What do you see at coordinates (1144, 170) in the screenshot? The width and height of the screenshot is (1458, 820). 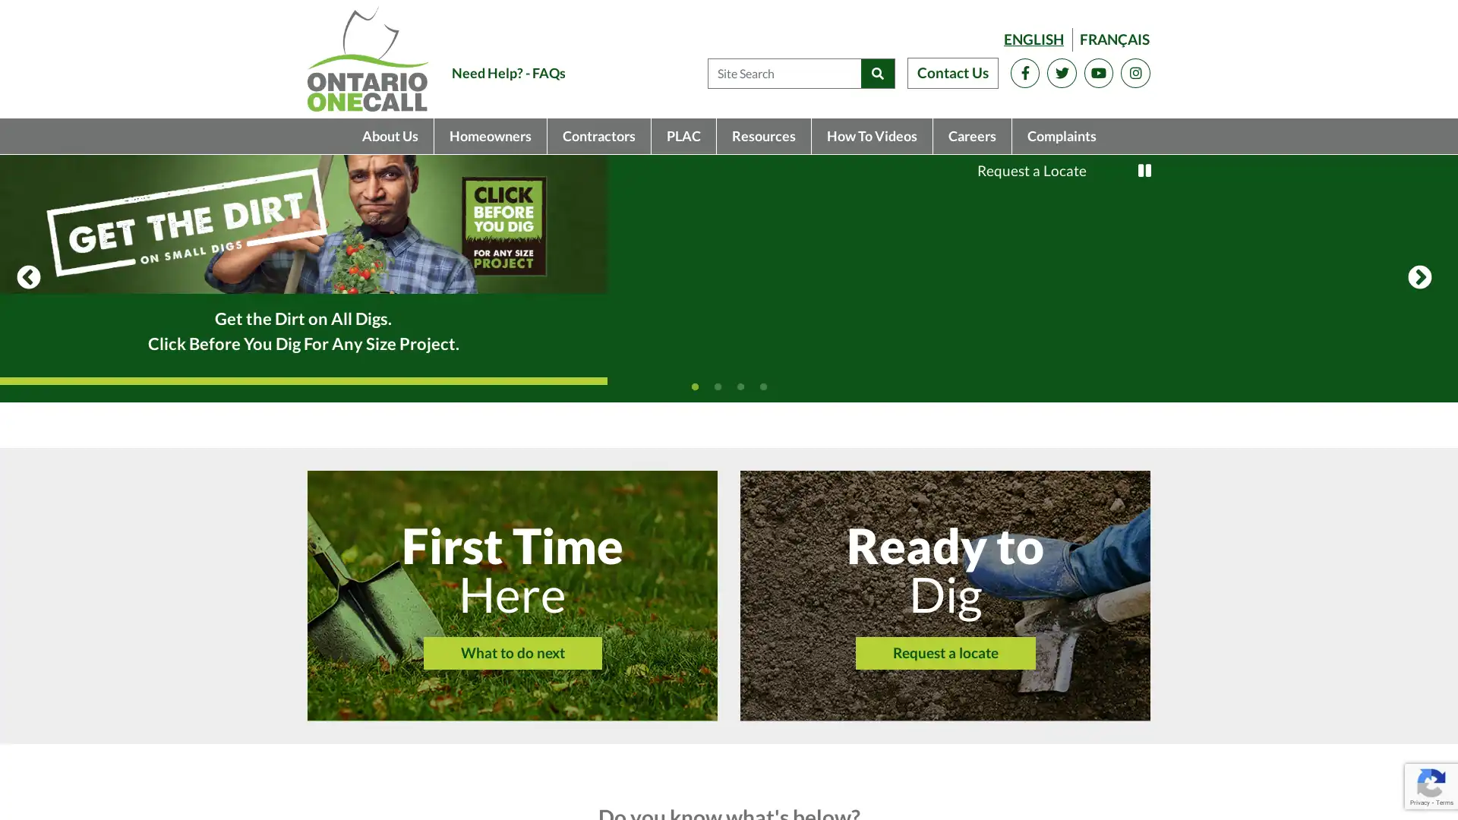 I see `Pause playback` at bounding box center [1144, 170].